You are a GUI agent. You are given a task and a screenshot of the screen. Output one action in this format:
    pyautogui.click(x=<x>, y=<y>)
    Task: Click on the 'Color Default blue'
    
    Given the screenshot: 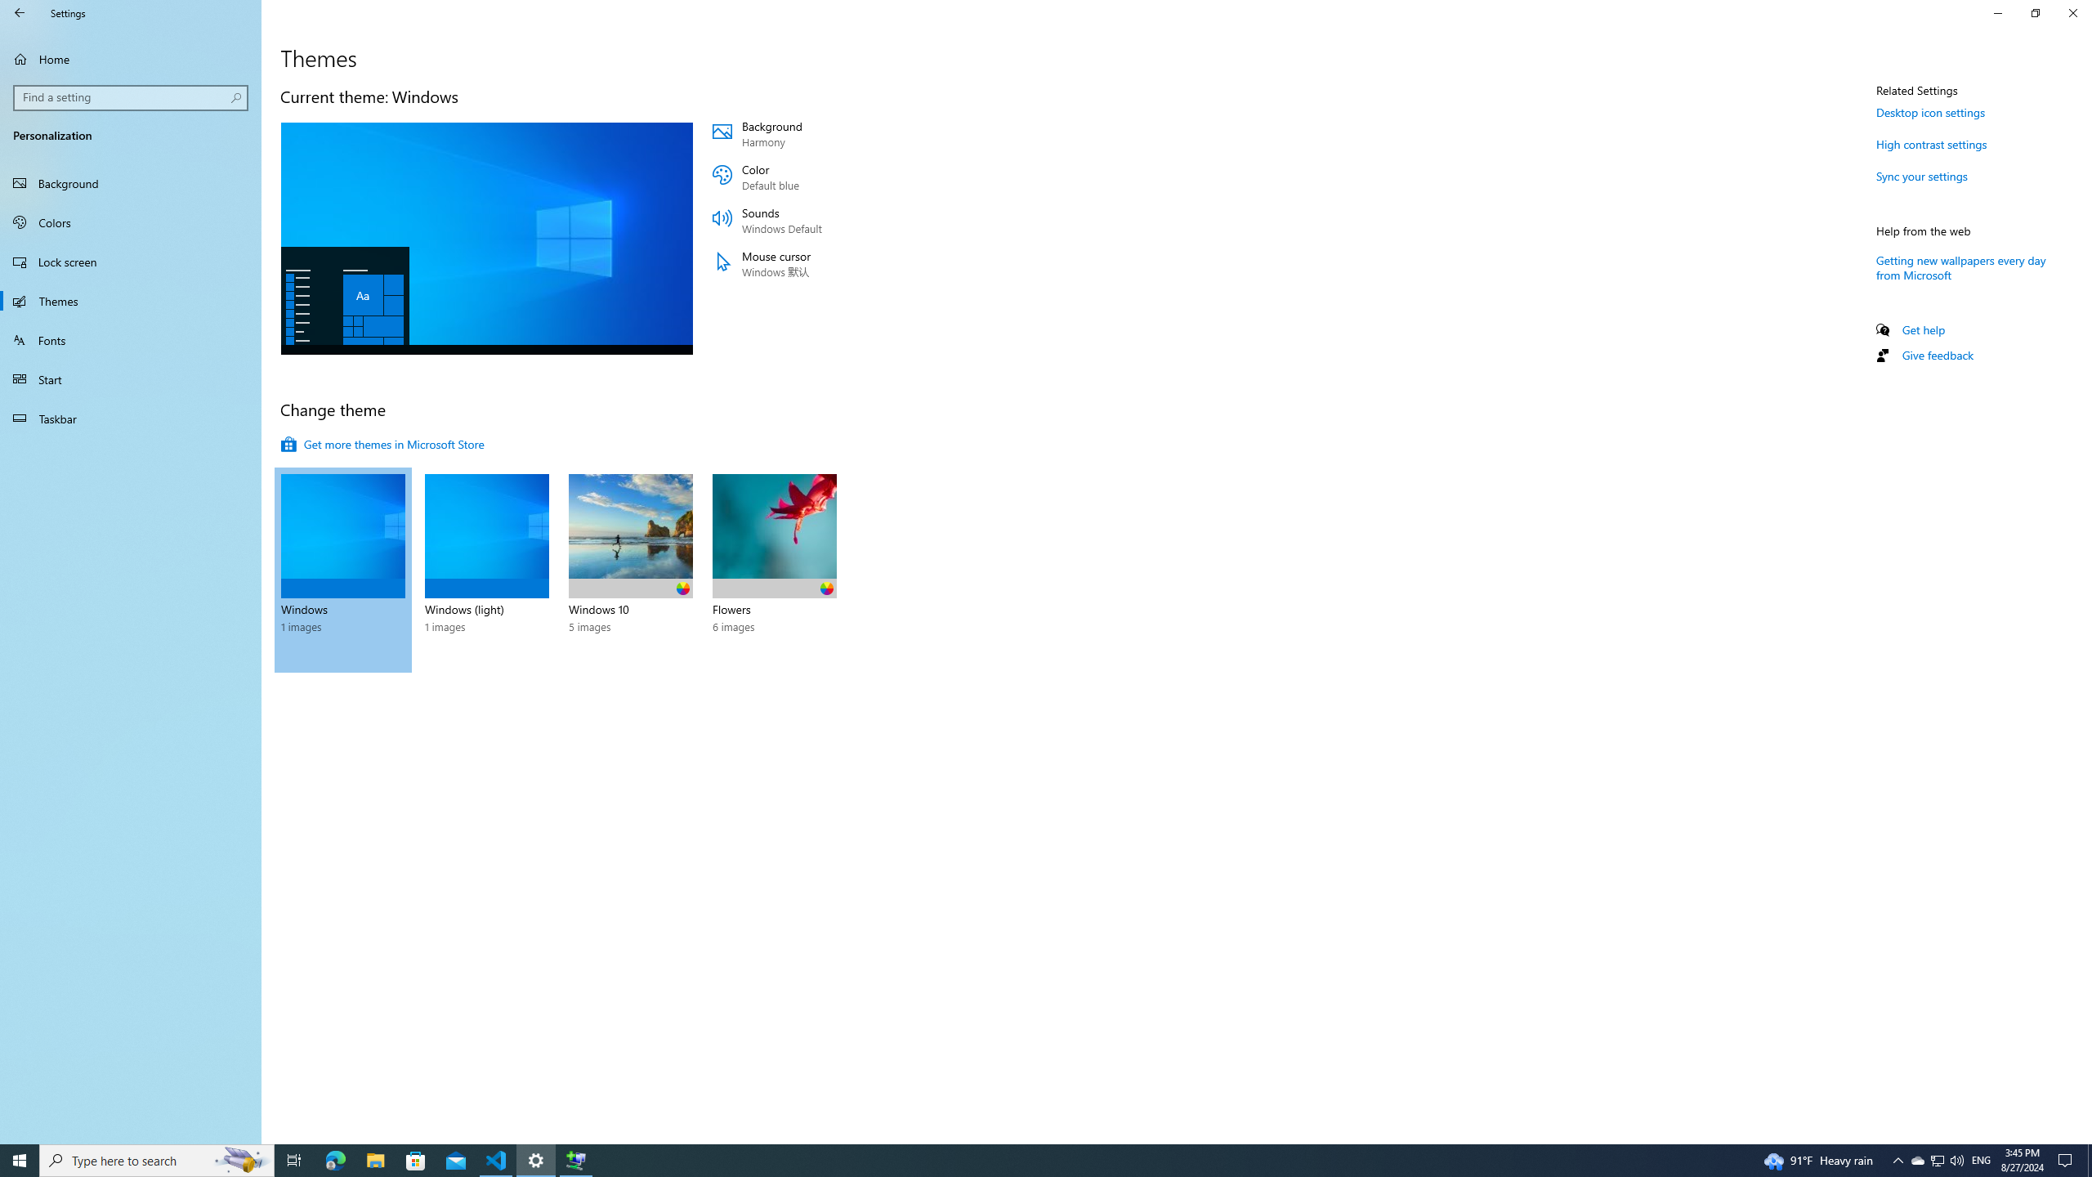 What is the action you would take?
    pyautogui.click(x=810, y=177)
    